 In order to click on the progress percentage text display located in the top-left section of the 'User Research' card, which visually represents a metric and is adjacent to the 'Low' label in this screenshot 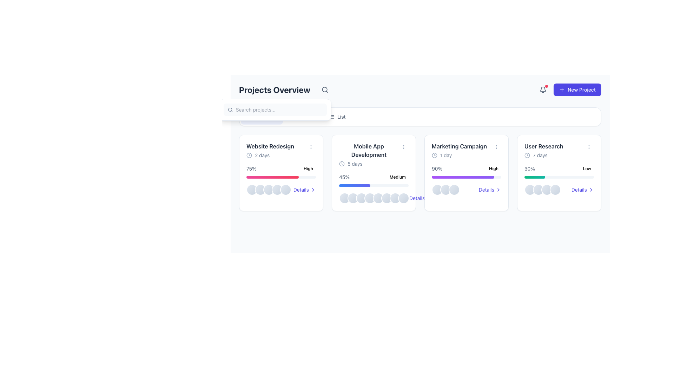, I will do `click(530, 169)`.